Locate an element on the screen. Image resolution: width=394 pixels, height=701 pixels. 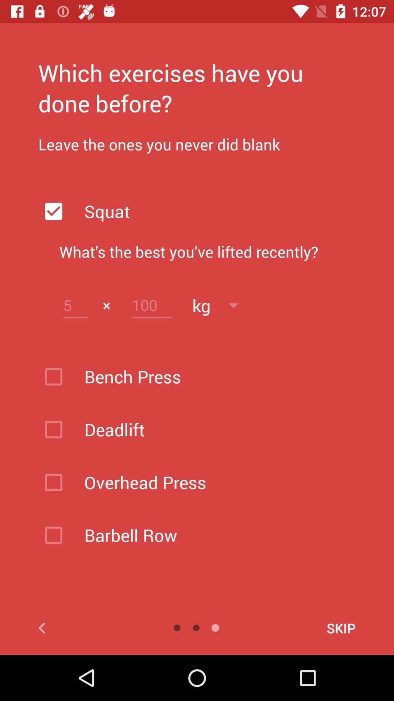
skip icon is located at coordinates (316, 628).